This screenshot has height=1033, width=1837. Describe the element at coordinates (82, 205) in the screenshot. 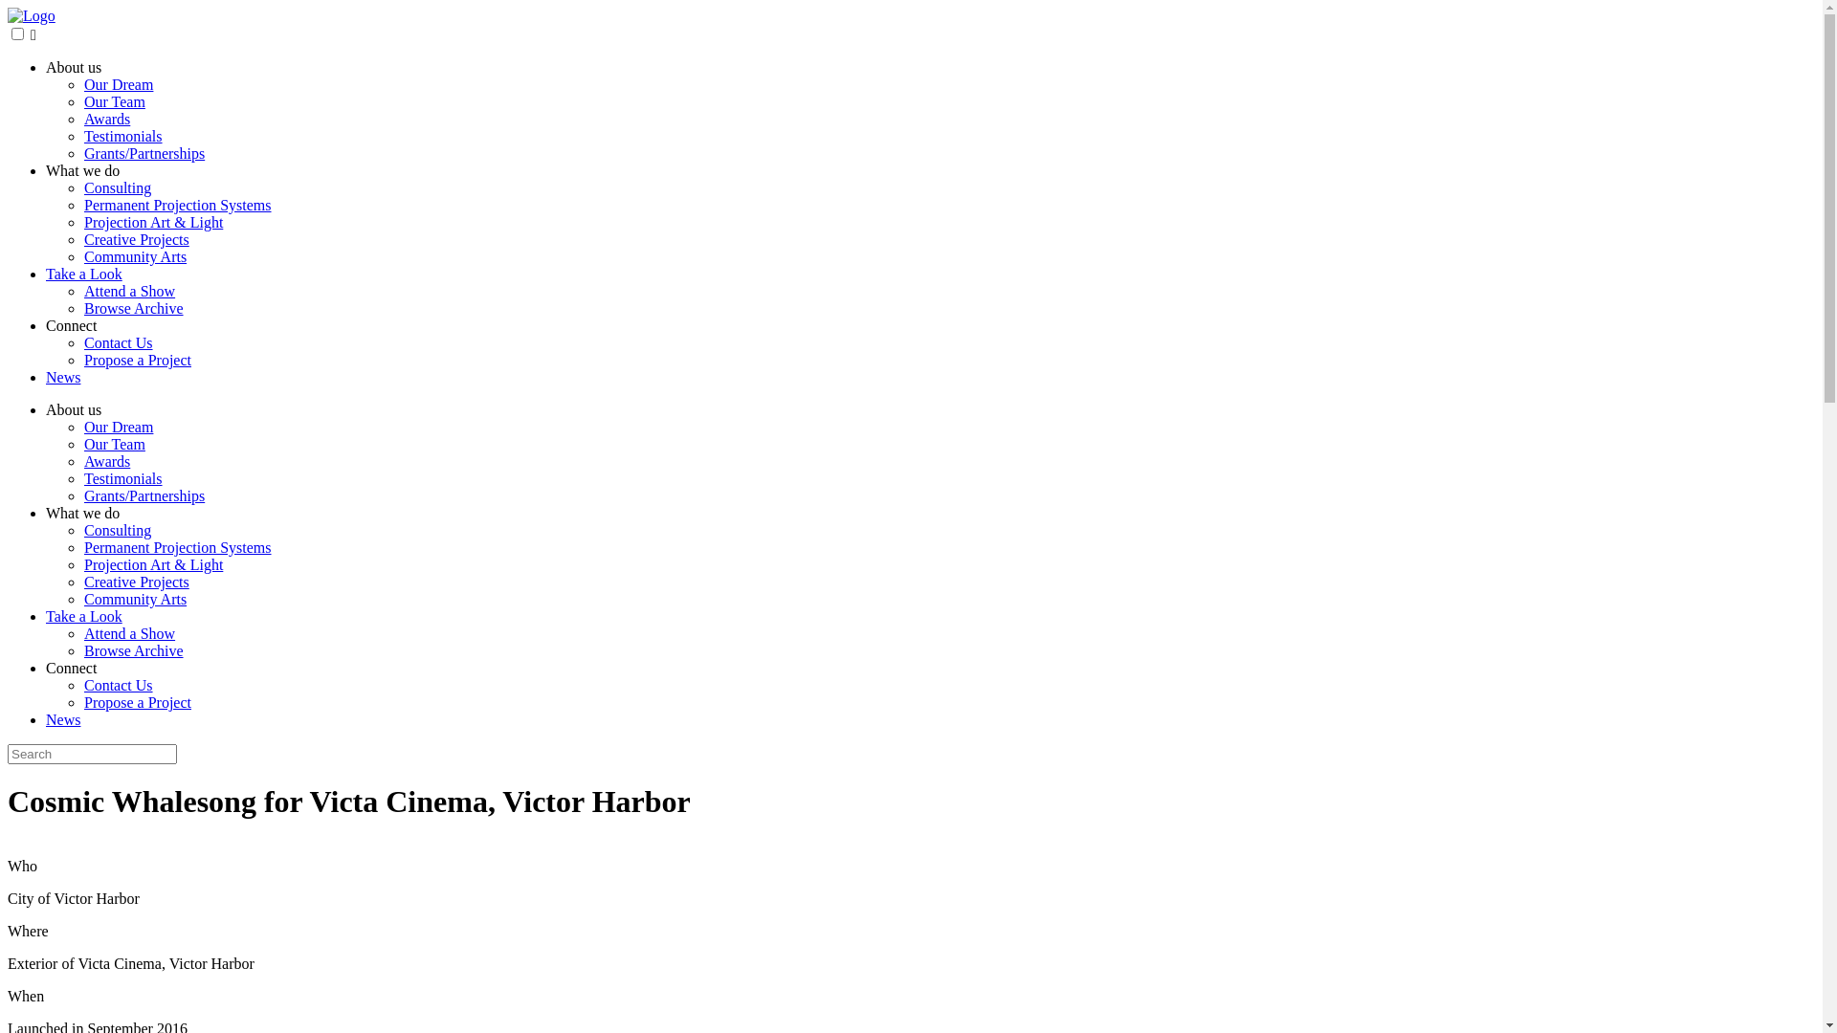

I see `'Permanent Projection Systems'` at that location.